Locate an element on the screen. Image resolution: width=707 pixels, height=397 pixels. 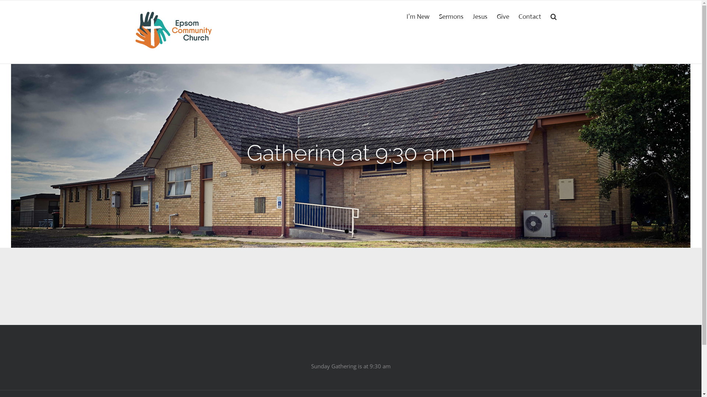
'Jesus' is located at coordinates (480, 15).